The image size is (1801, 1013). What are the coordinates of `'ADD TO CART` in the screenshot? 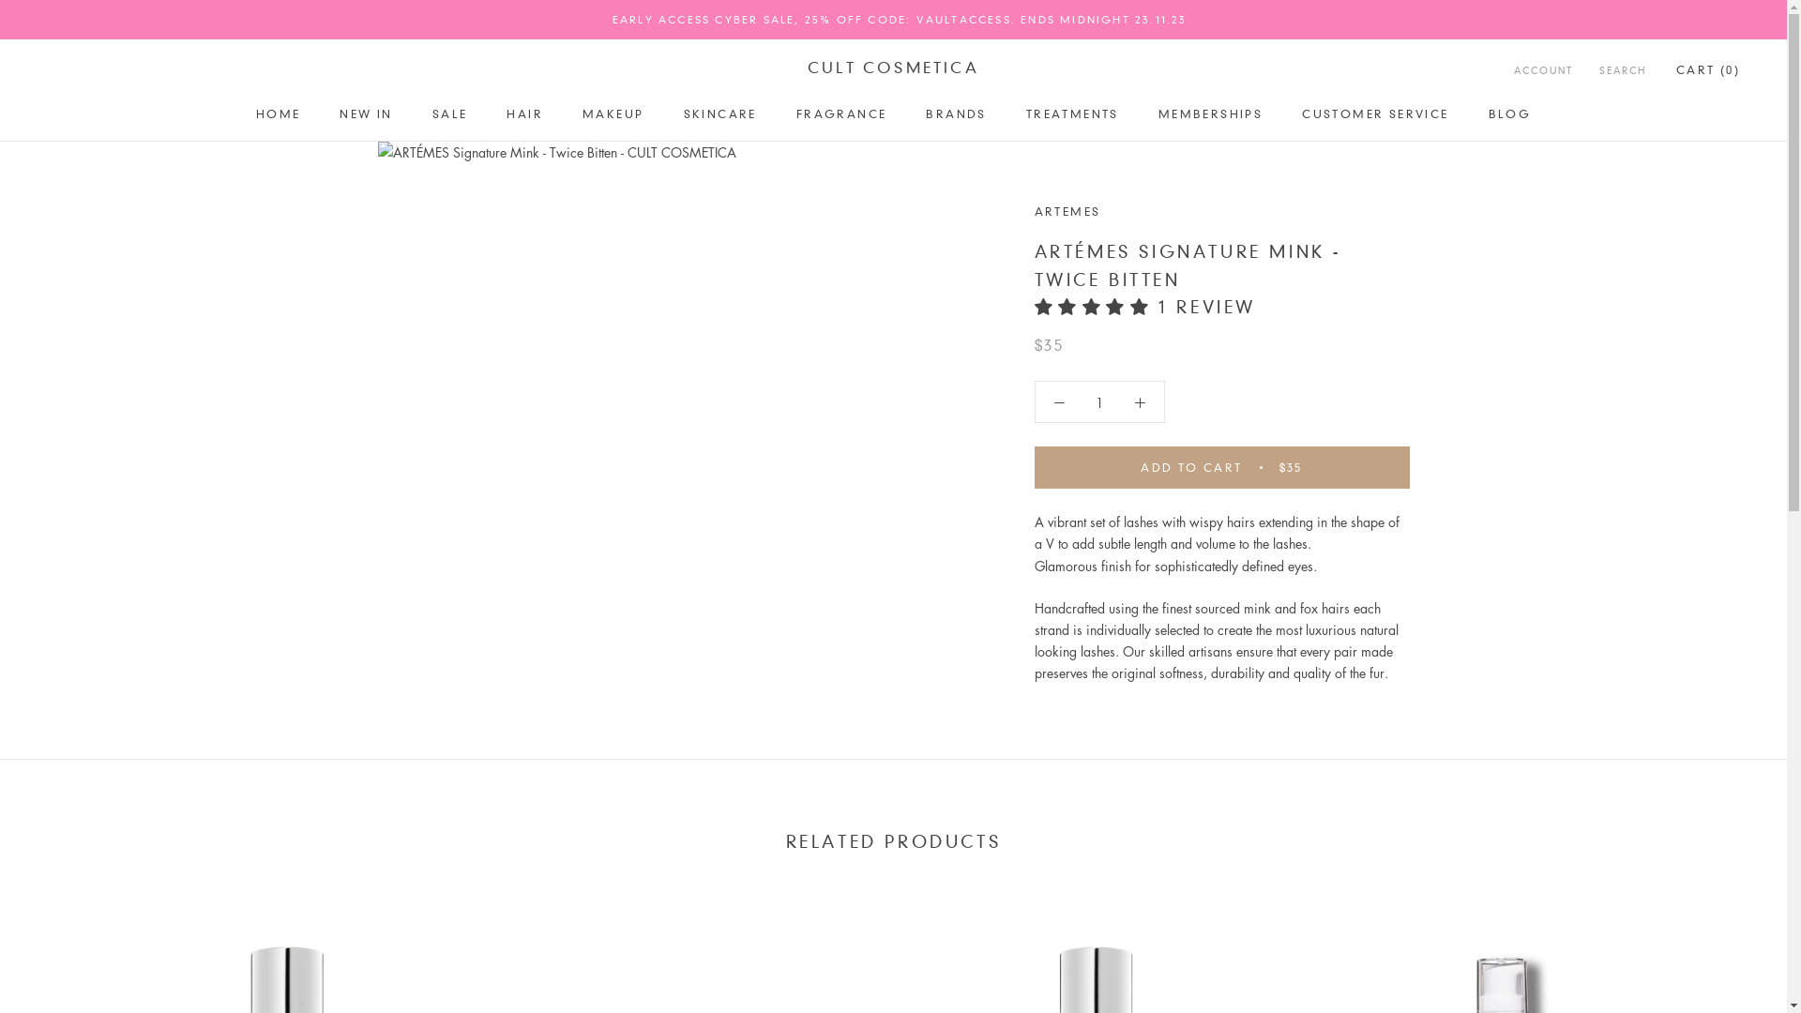 It's located at (1220, 466).